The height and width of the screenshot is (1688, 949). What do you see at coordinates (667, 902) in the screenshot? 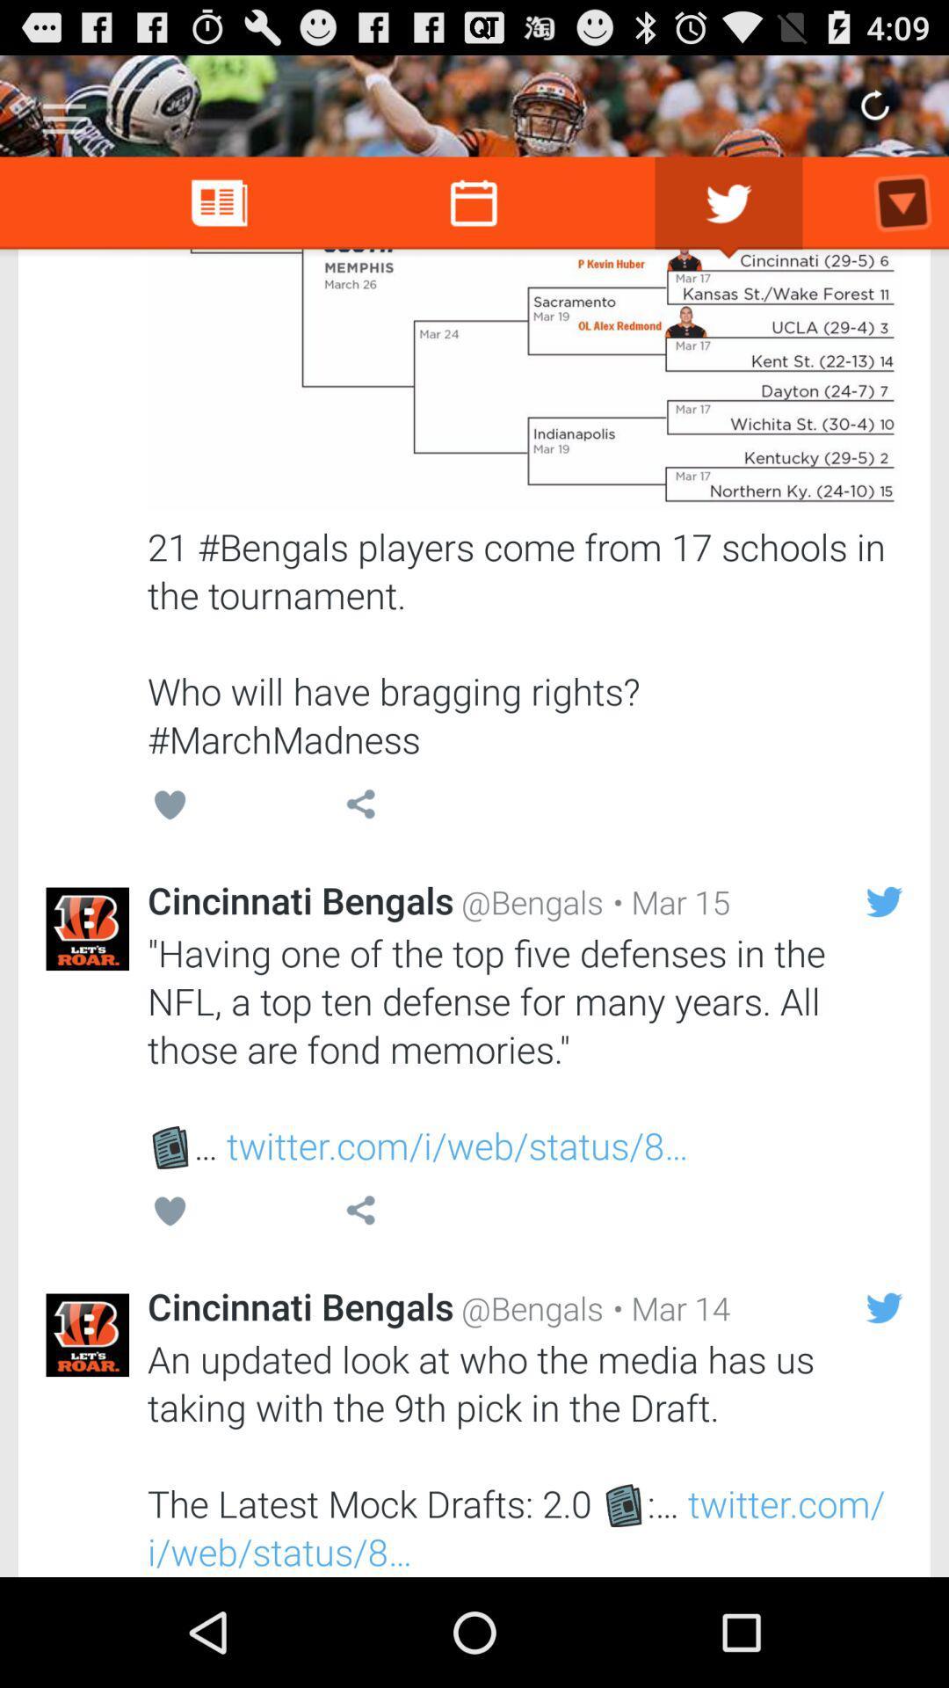
I see `the item below 21 bengals players item` at bounding box center [667, 902].